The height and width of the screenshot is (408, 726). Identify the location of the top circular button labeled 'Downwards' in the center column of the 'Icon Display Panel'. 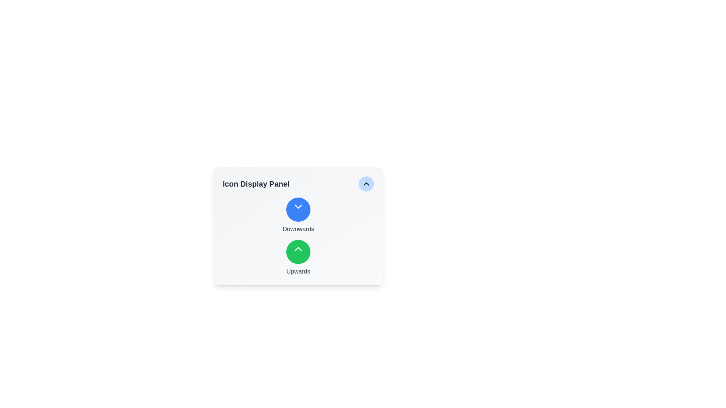
(298, 210).